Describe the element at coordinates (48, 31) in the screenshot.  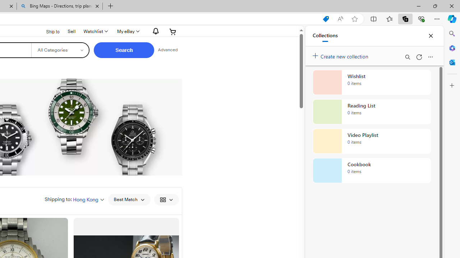
I see `'Ship to'` at that location.